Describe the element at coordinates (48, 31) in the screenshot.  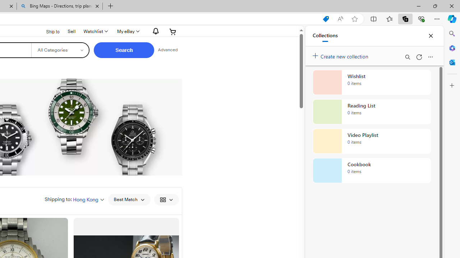
I see `'Ship to'` at that location.